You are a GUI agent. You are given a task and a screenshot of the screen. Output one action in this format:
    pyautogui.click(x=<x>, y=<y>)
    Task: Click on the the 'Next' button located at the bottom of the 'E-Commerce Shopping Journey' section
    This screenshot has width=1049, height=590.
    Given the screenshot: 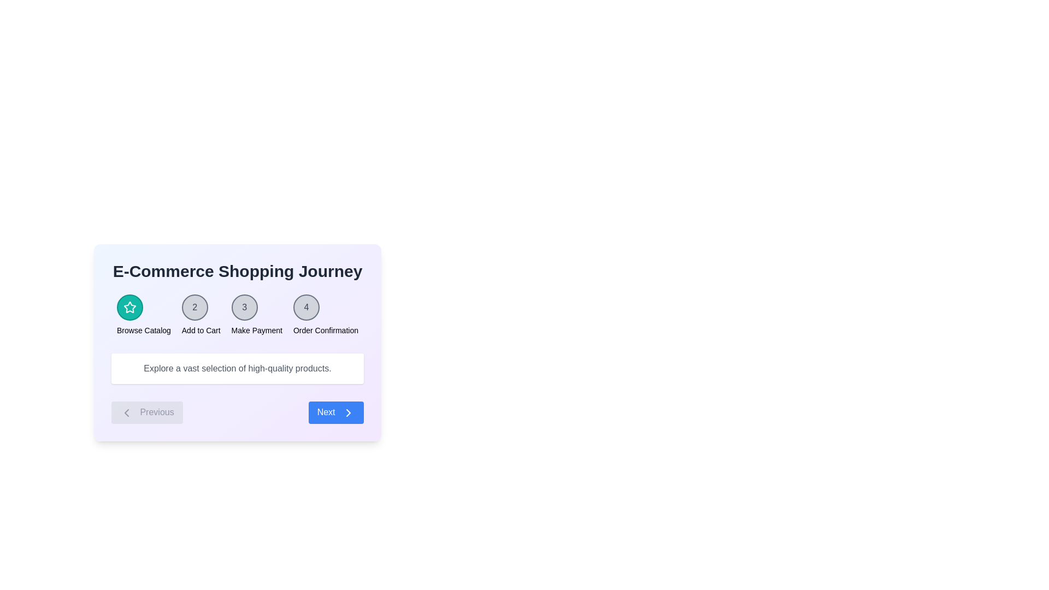 What is the action you would take?
    pyautogui.click(x=237, y=342)
    